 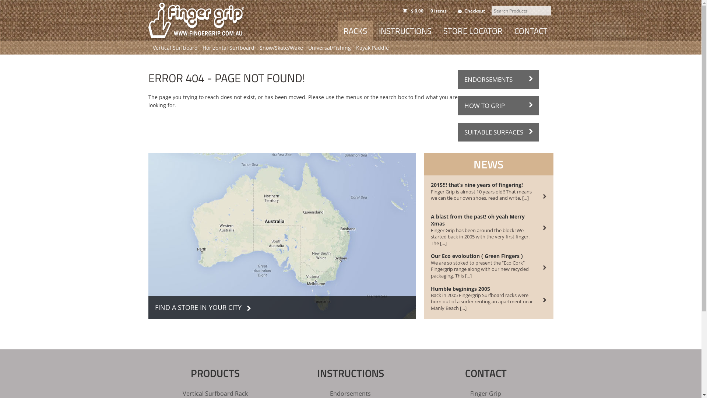 What do you see at coordinates (228, 48) in the screenshot?
I see `'Horizontal Surfboard'` at bounding box center [228, 48].